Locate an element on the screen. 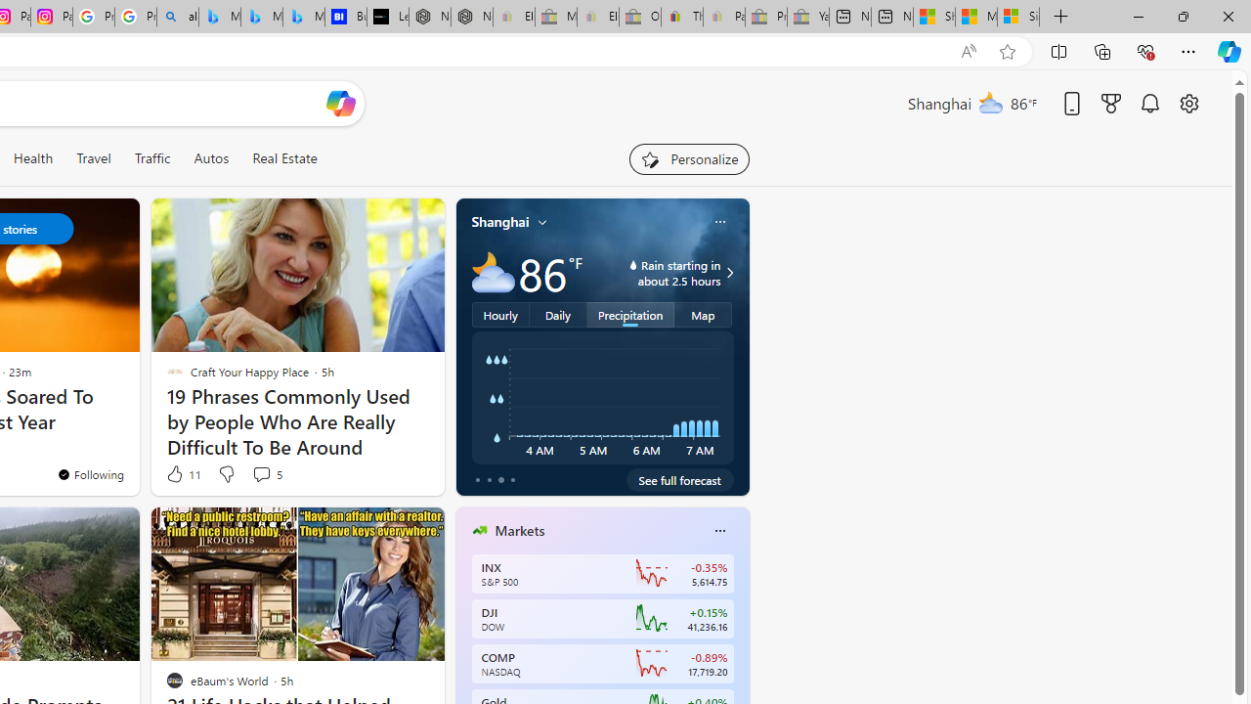 The height and width of the screenshot is (704, 1251). 'Real Estate' is located at coordinates (283, 157).